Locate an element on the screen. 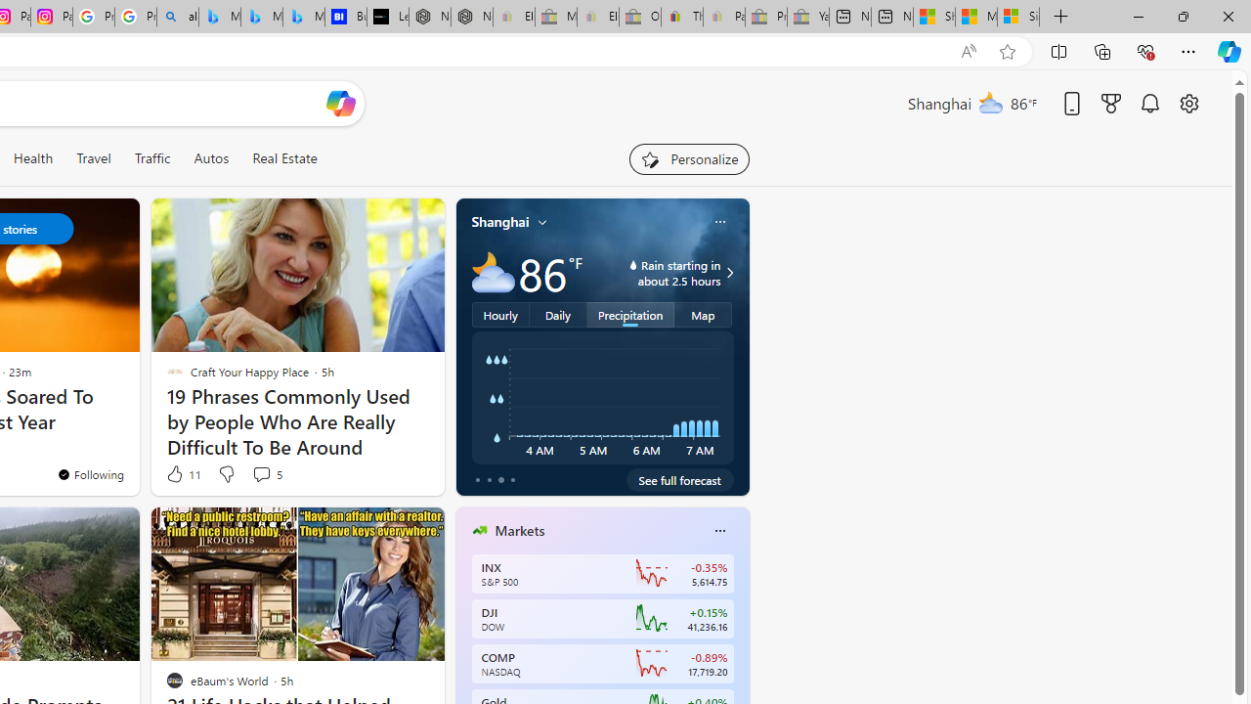 The height and width of the screenshot is (704, 1251). 'Real Estate' is located at coordinates (283, 157).